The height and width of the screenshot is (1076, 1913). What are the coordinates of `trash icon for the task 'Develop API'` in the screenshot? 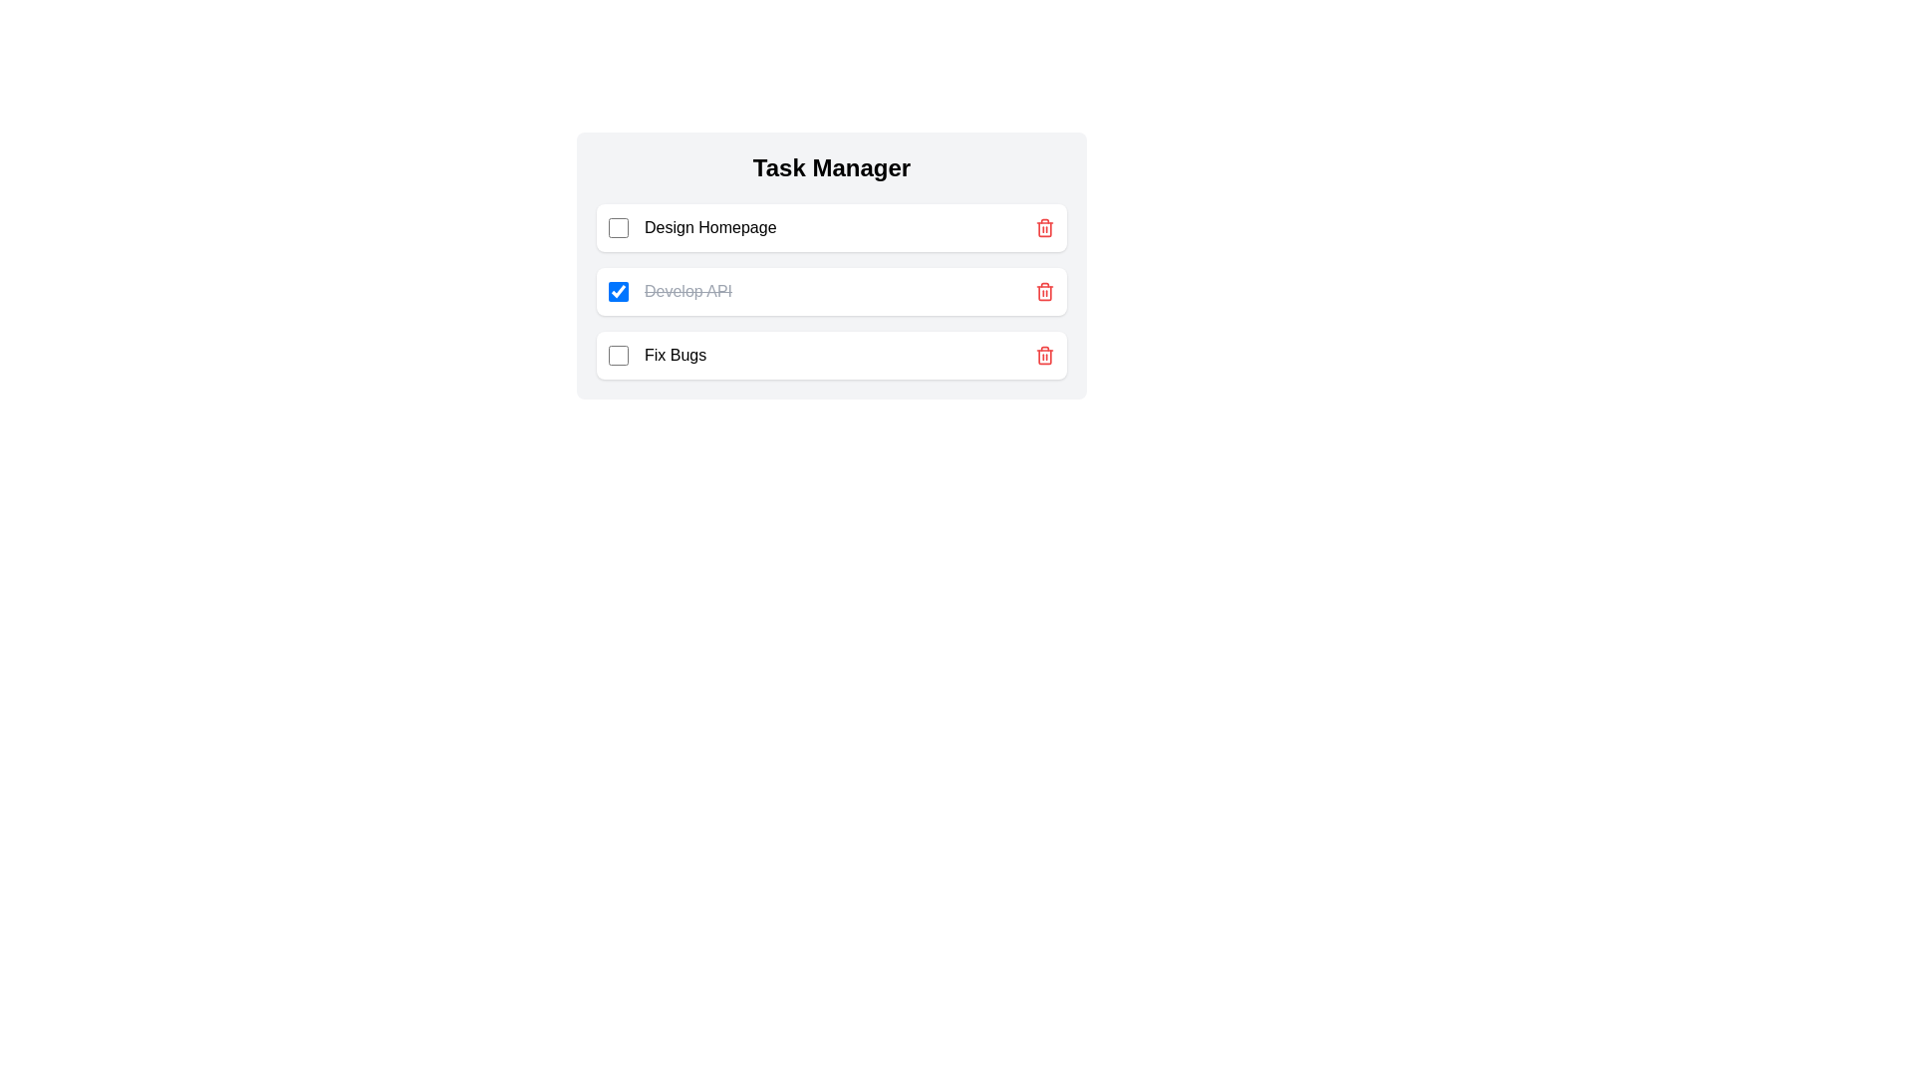 It's located at (1044, 292).